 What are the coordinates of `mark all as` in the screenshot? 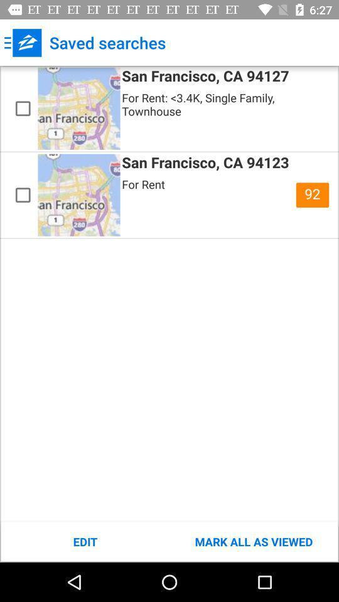 It's located at (254, 541).